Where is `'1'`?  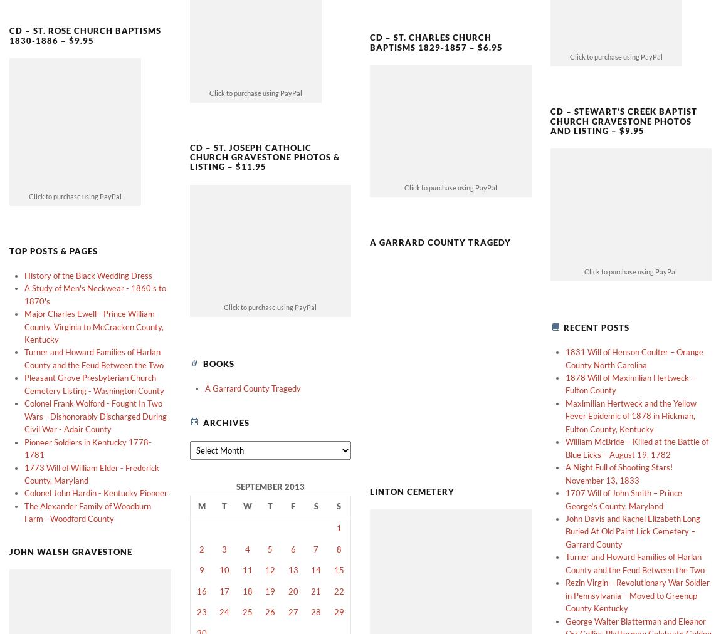
'1' is located at coordinates (336, 506).